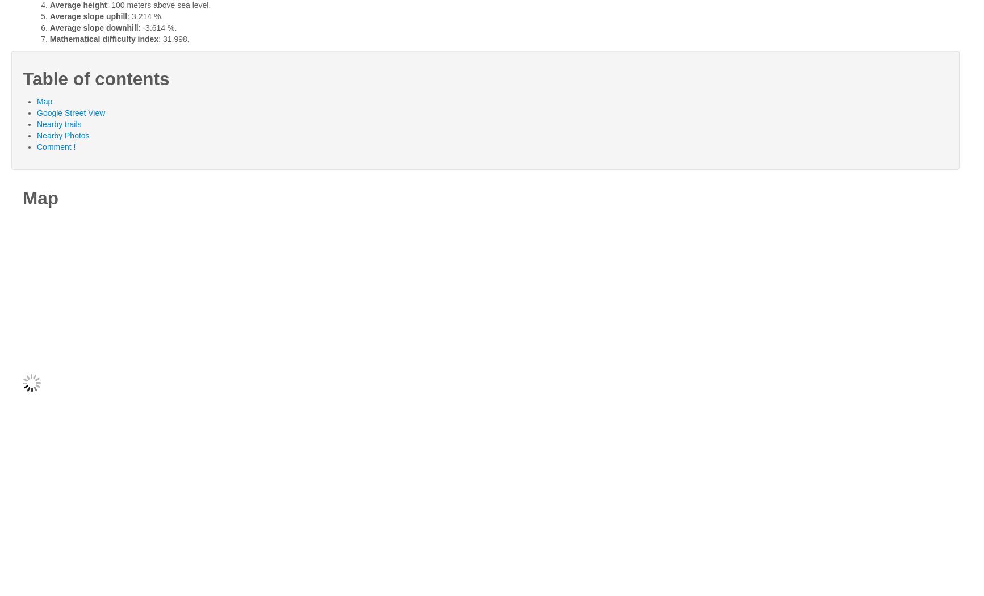  I want to click on ': 3.214 %.', so click(127, 16).